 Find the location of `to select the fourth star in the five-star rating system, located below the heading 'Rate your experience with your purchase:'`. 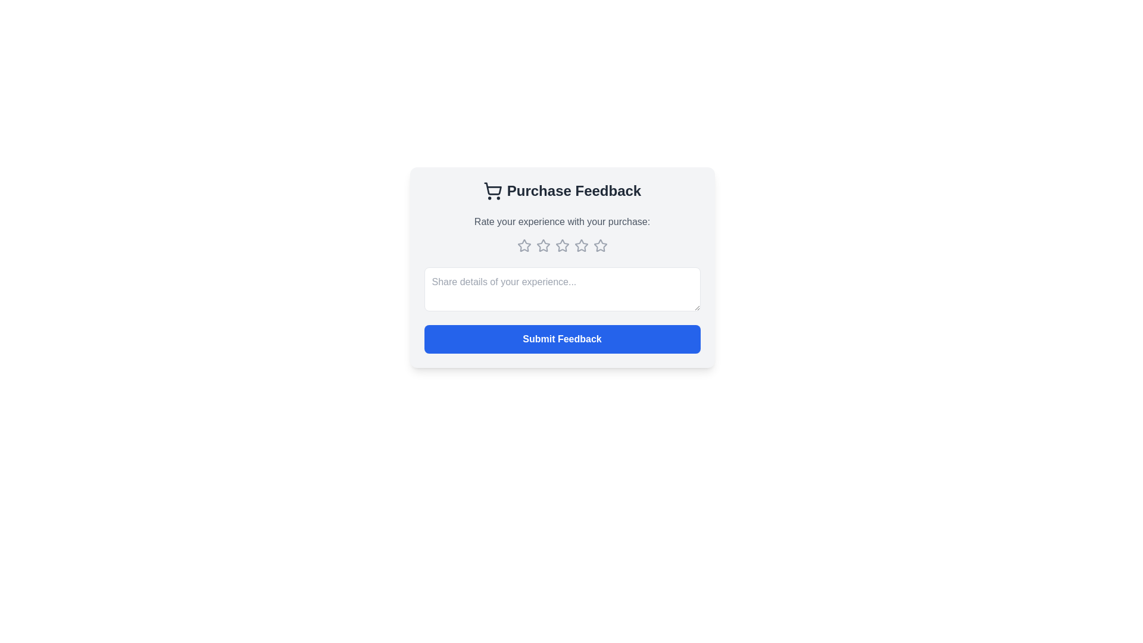

to select the fourth star in the five-star rating system, located below the heading 'Rate your experience with your purchase:' is located at coordinates (600, 245).